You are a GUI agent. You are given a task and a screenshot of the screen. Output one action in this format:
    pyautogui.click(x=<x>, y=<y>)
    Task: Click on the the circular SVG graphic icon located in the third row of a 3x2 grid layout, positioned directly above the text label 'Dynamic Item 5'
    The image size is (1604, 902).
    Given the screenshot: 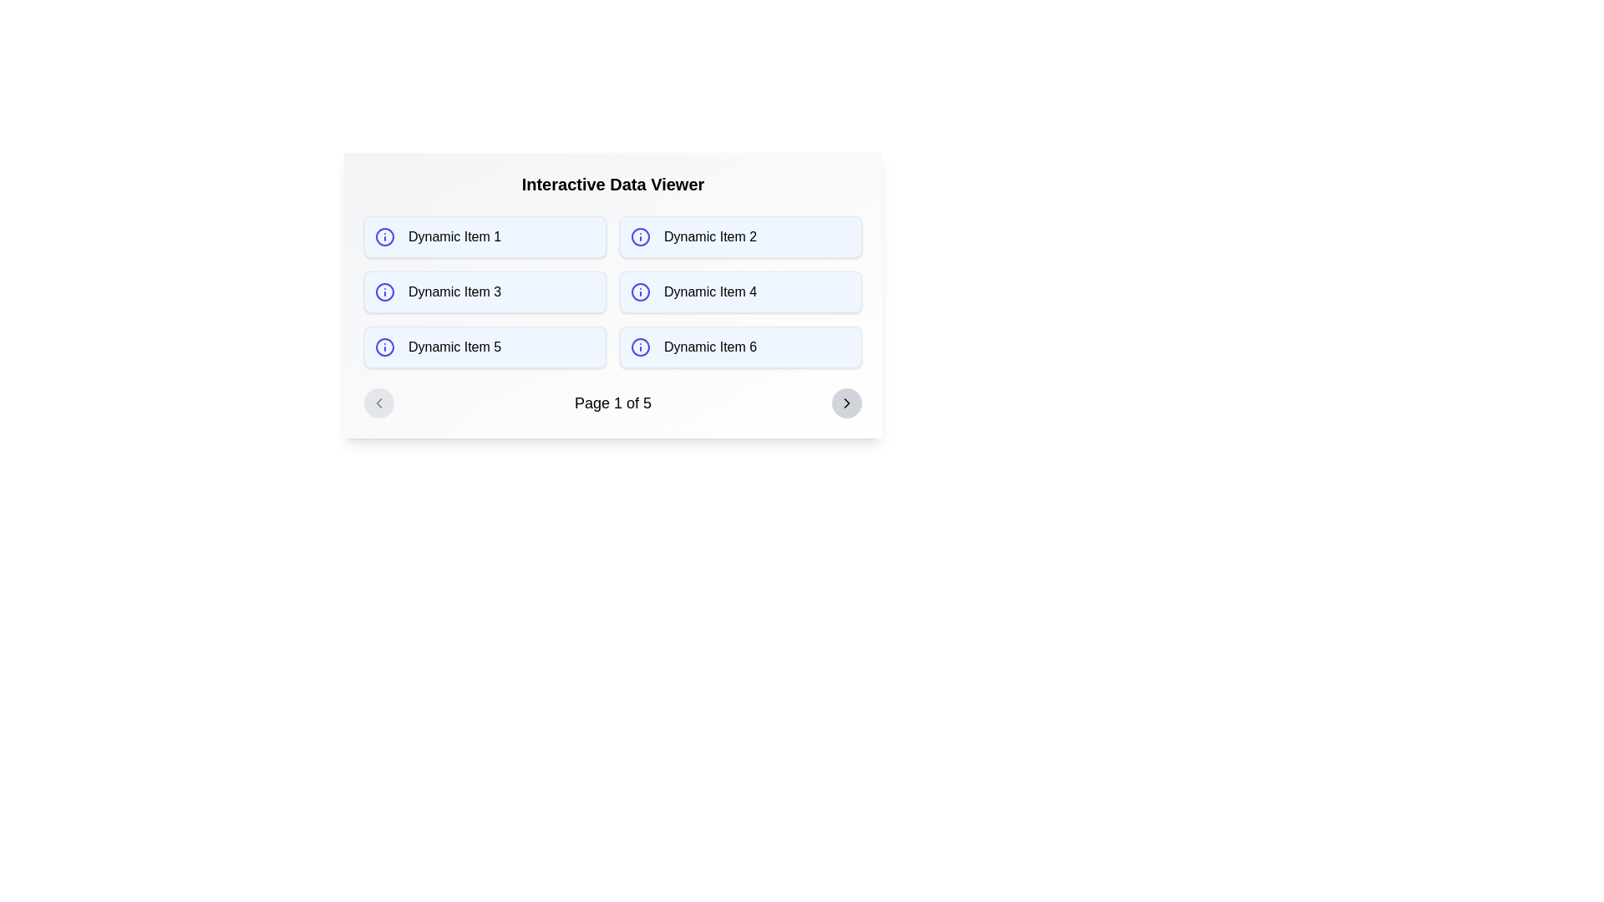 What is the action you would take?
    pyautogui.click(x=383, y=347)
    